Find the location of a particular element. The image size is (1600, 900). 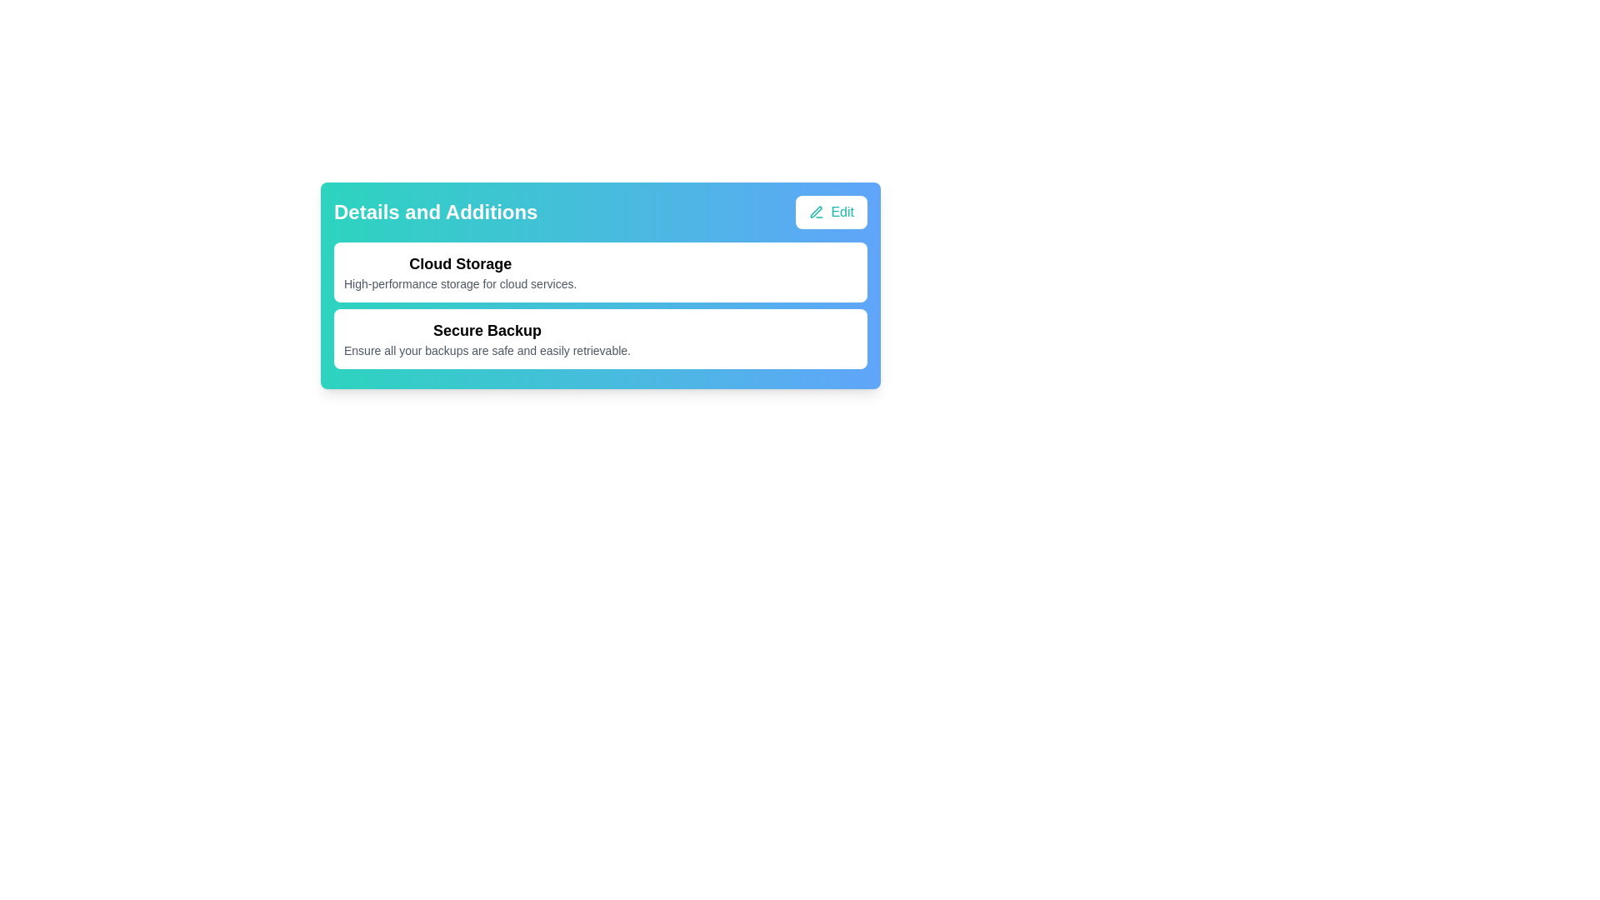

the text label reading 'High-performance storage for cloud services.' located directly below the 'Cloud Storage' heading is located at coordinates (460, 282).